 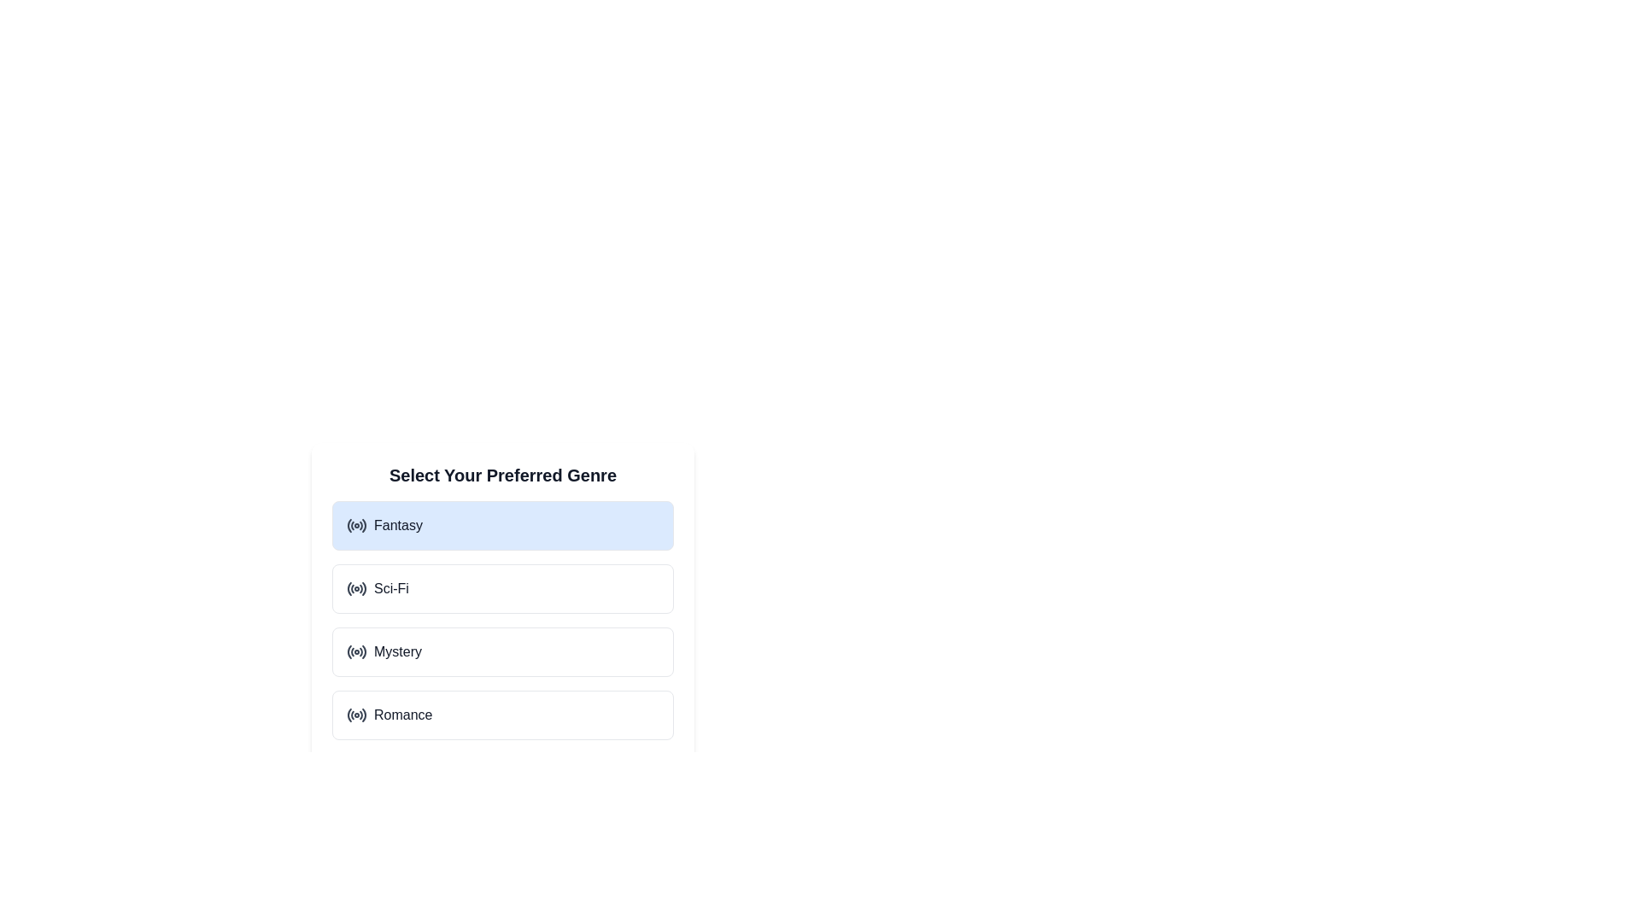 What do you see at coordinates (502, 635) in the screenshot?
I see `the 'Mystery' selectable card, which is the third option in the genre selection list` at bounding box center [502, 635].